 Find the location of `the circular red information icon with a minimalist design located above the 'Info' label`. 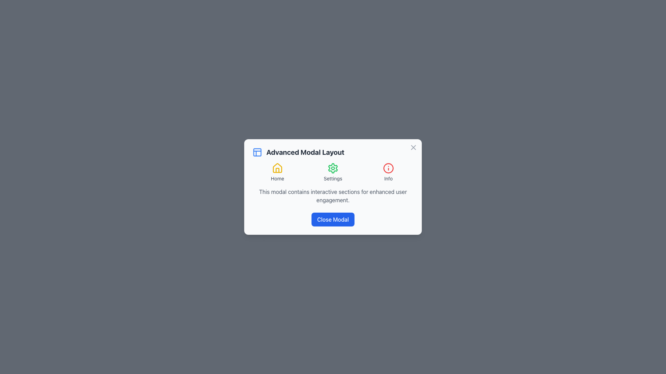

the circular red information icon with a minimalist design located above the 'Info' label is located at coordinates (388, 168).